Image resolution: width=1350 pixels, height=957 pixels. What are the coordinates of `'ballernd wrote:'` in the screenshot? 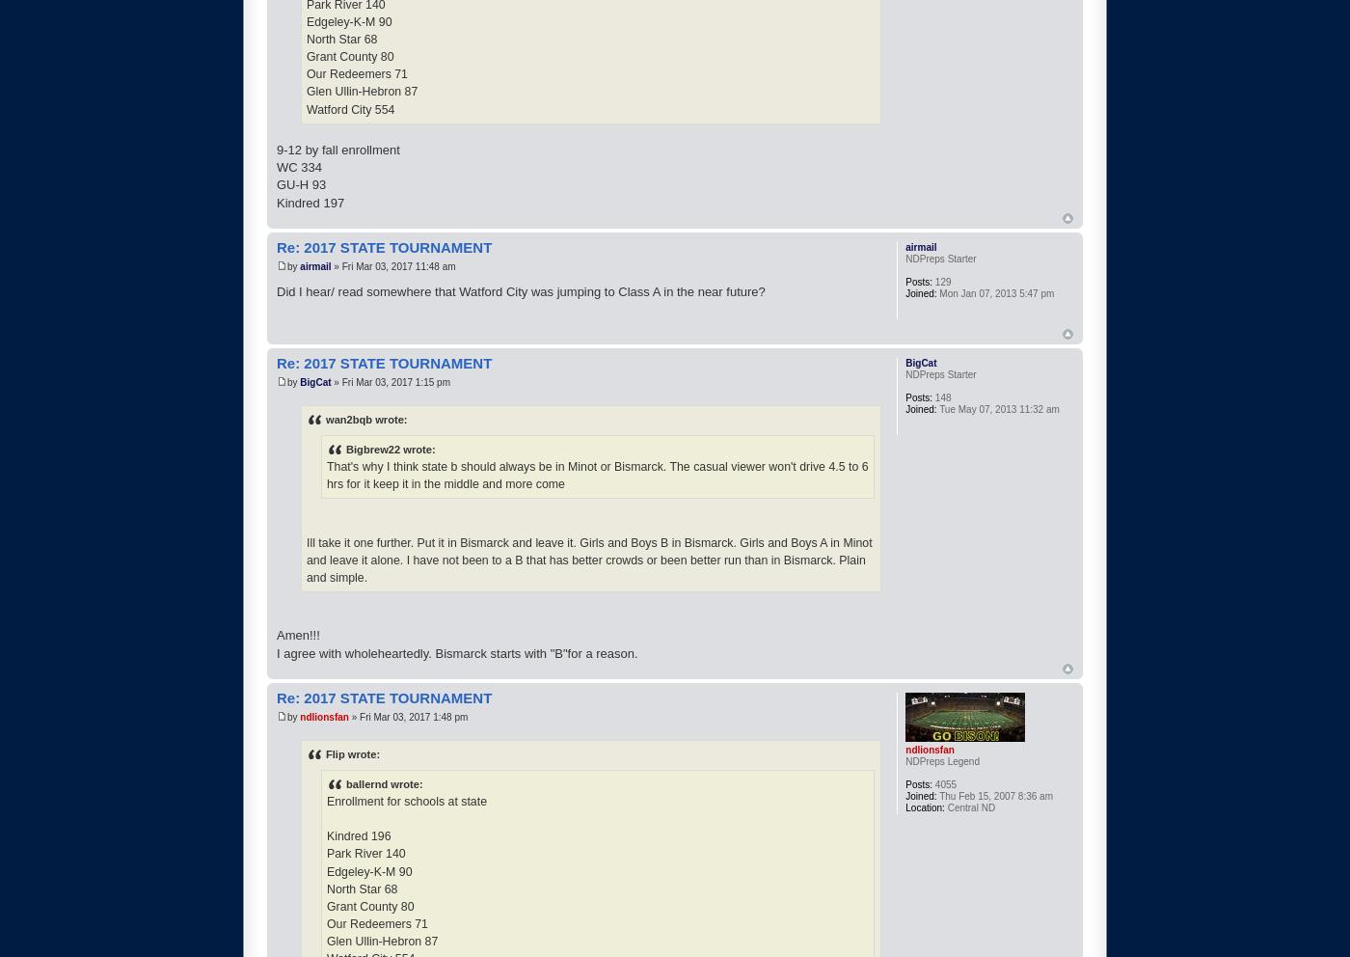 It's located at (384, 782).